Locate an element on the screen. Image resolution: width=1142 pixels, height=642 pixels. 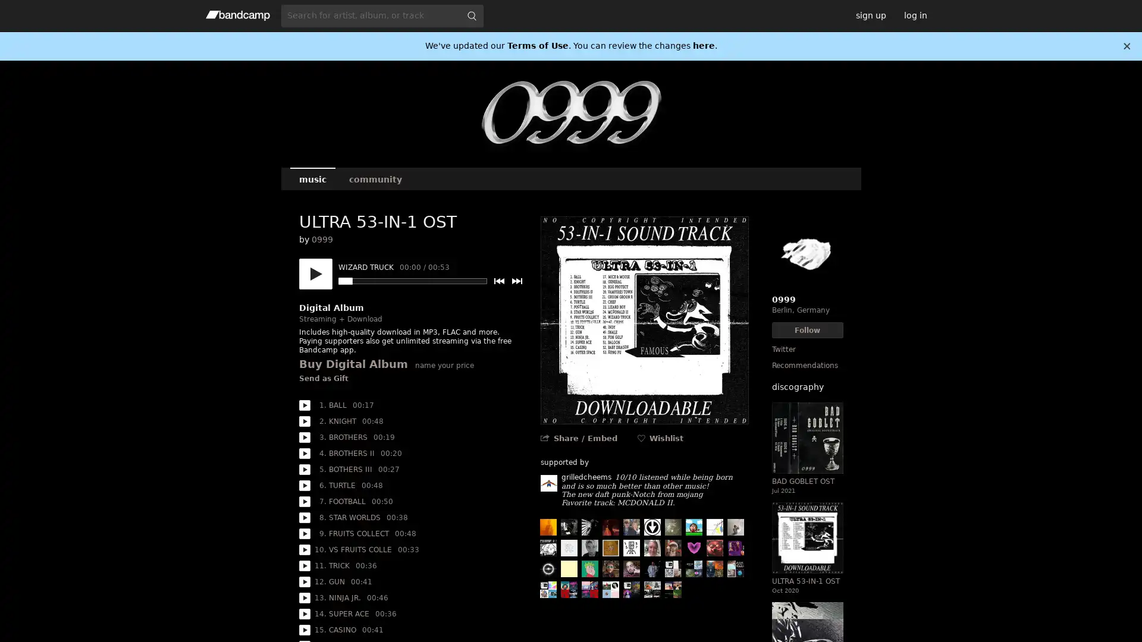
Play BOTHERS III is located at coordinates (304, 469).